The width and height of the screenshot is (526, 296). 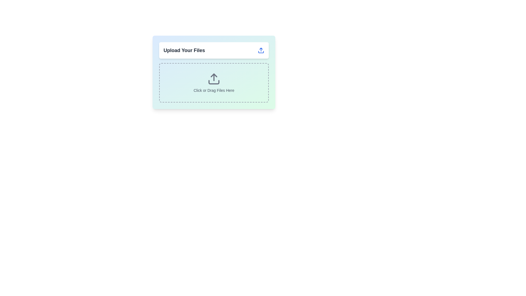 I want to click on the dashed rectangular area of the file upload widget, so click(x=214, y=72).